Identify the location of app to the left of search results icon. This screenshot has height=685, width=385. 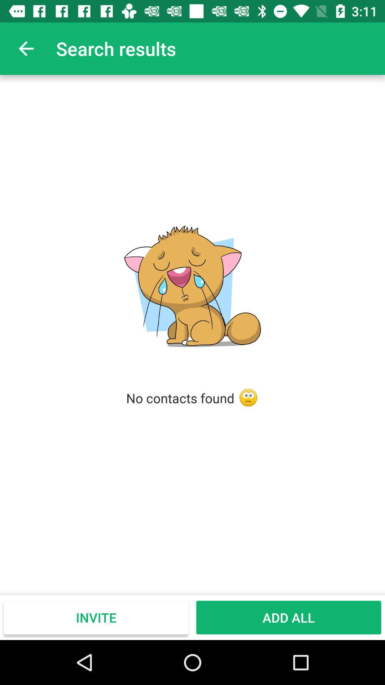
(26, 48).